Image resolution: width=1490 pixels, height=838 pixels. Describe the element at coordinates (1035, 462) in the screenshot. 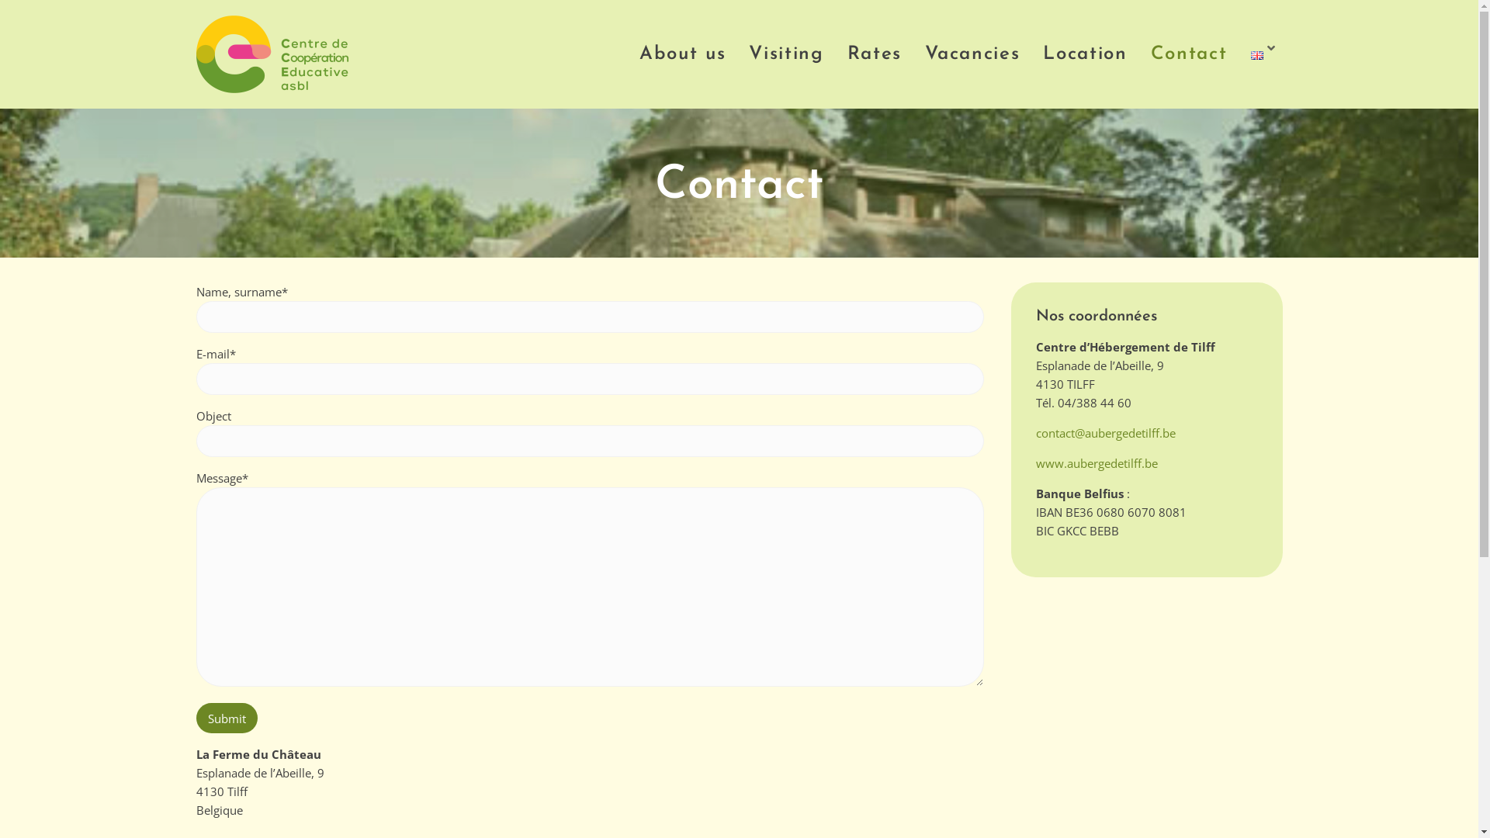

I see `'www.aubergedetilff.be'` at that location.